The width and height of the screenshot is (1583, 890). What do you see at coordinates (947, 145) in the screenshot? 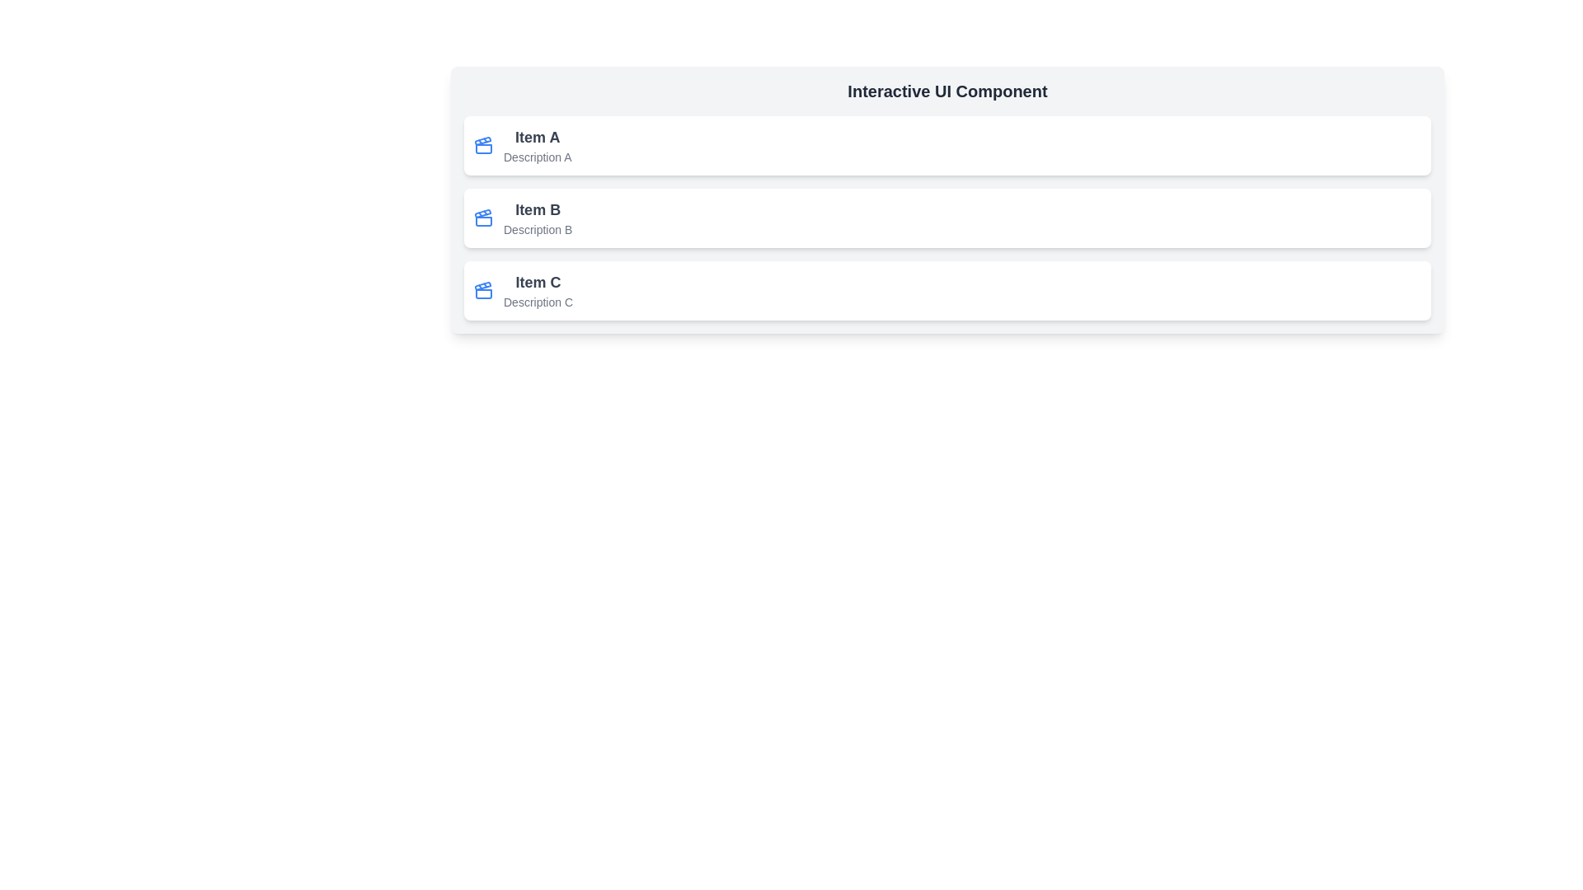
I see `the first item in the vertical list of three similar elements, which serves as an entry in a list with a name and a brief description` at bounding box center [947, 145].